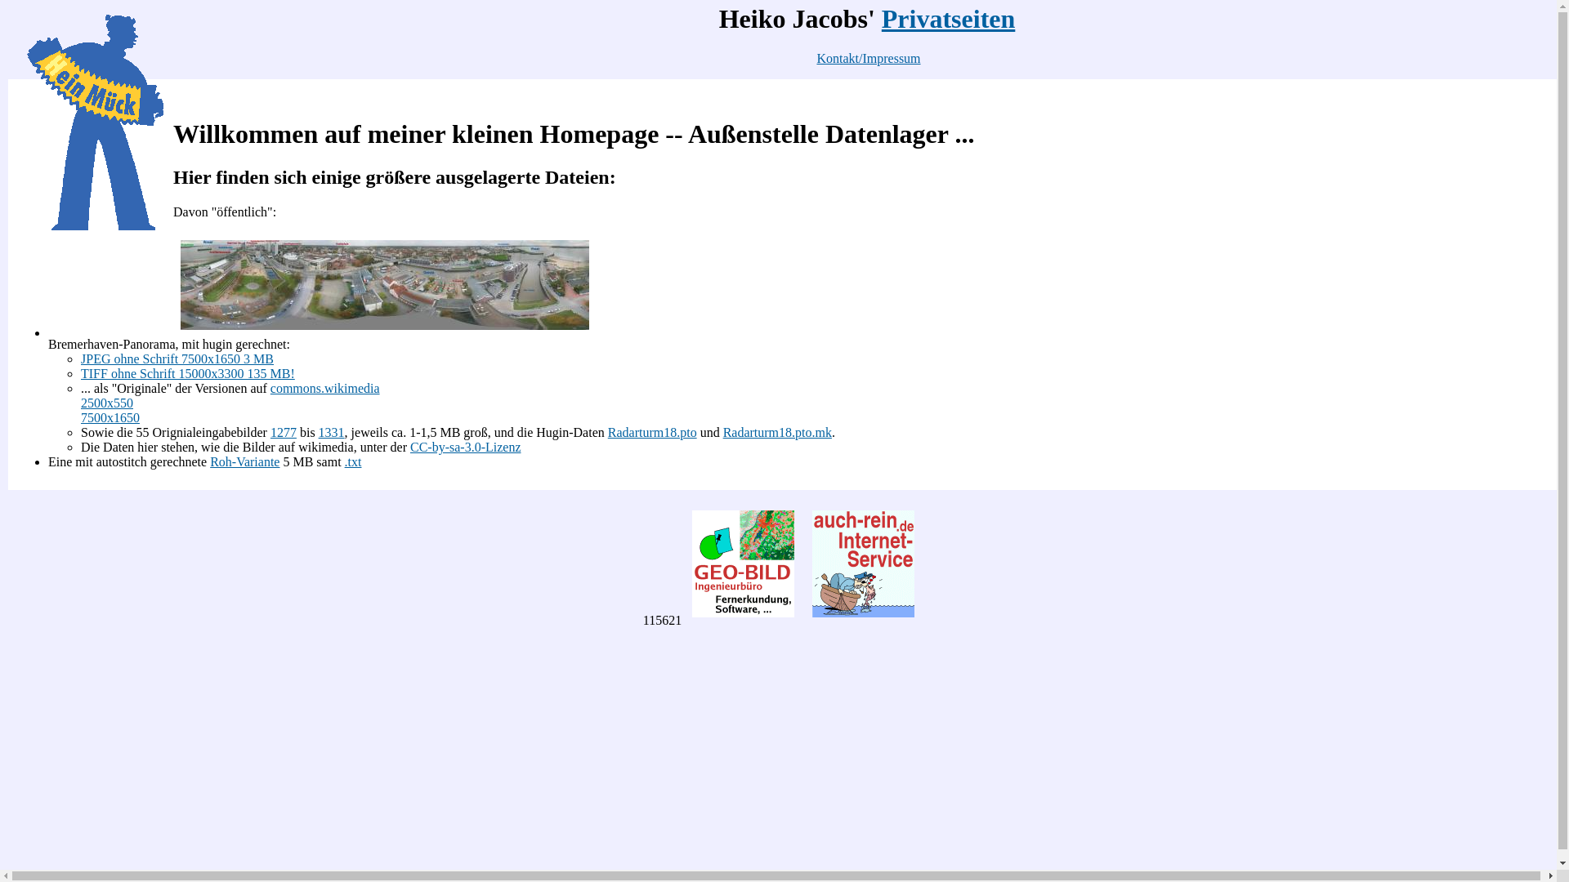 This screenshot has height=882, width=1569. I want to click on 'Privatseiten', so click(881, 19).